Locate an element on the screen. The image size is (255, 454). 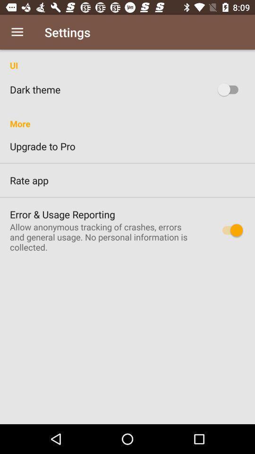
icon above the ui icon is located at coordinates (17, 32).